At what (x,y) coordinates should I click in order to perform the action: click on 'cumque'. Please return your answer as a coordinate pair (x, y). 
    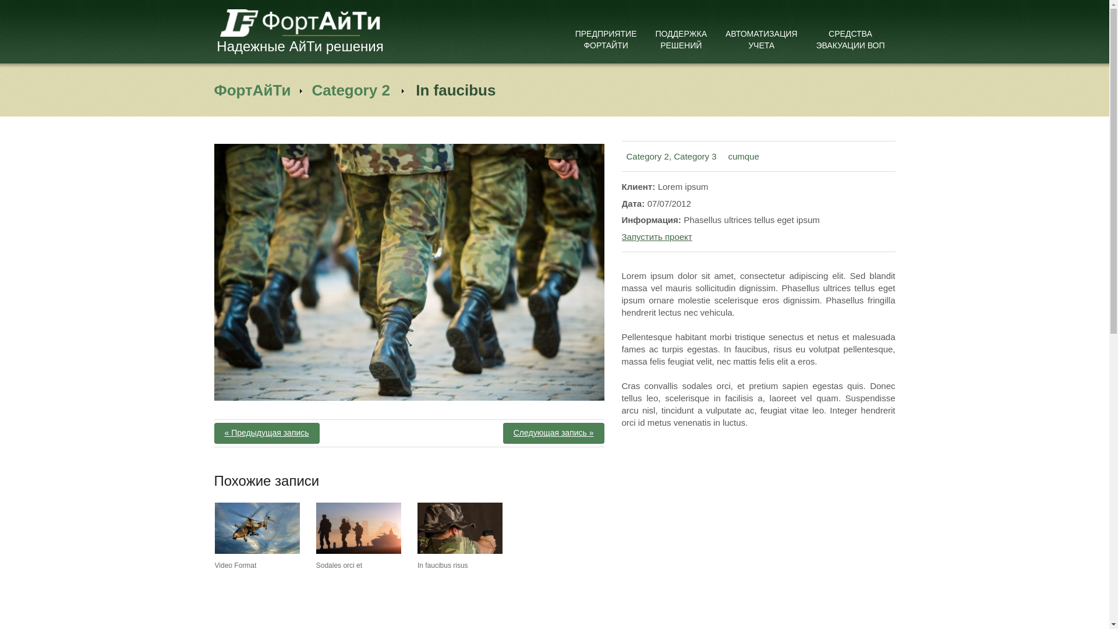
    Looking at the image, I should click on (742, 156).